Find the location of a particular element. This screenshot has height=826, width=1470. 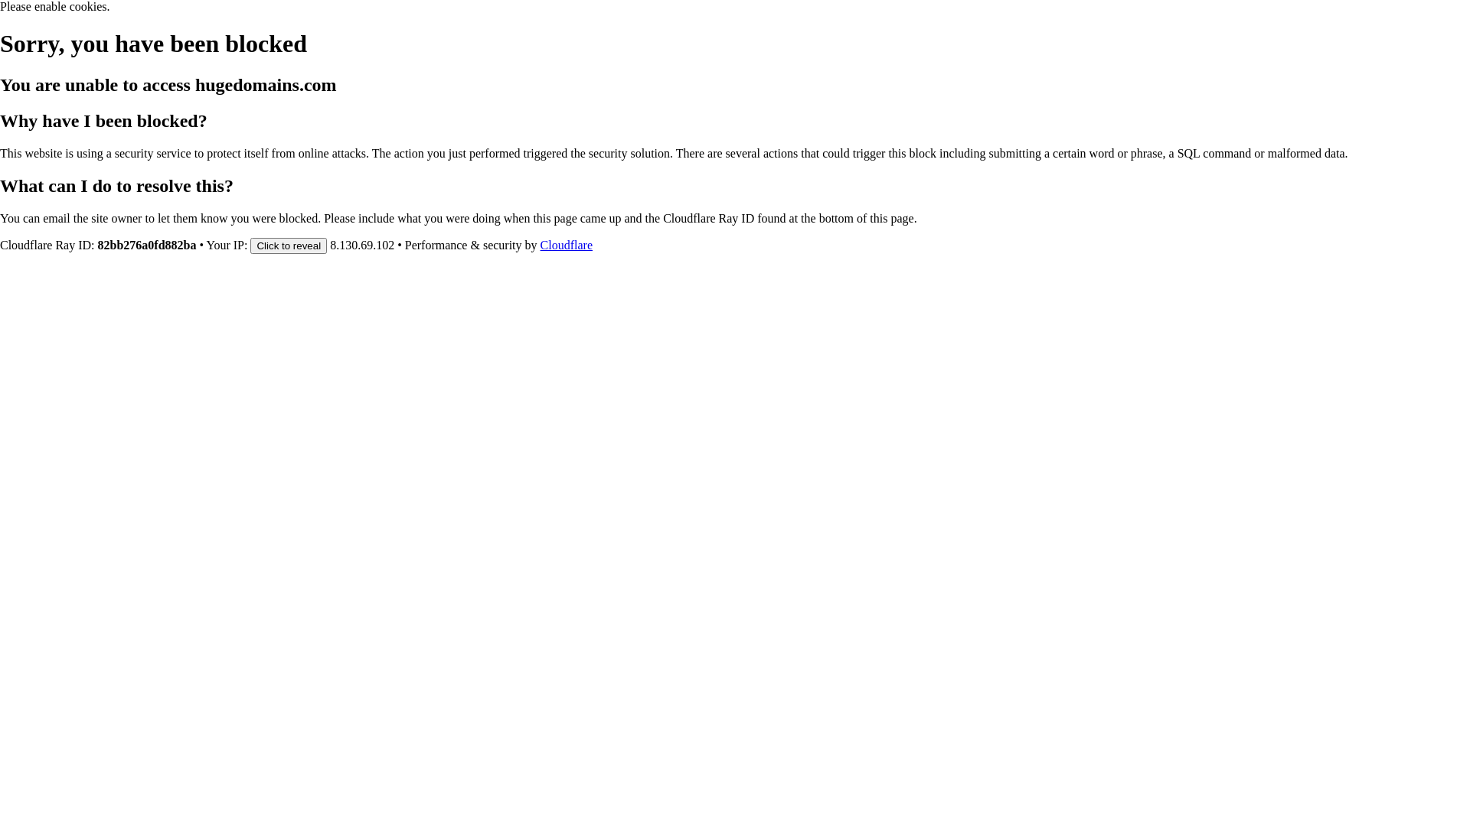

'Cloudflare' is located at coordinates (565, 244).